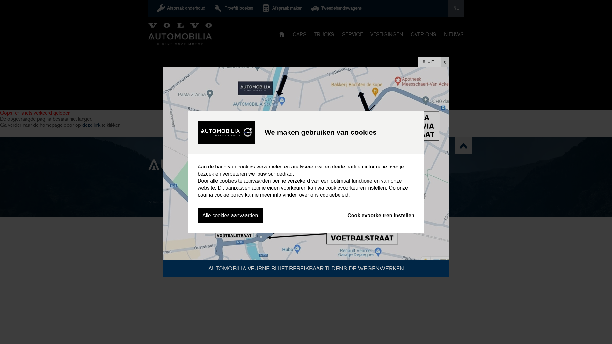 Image resolution: width=612 pixels, height=344 pixels. Describe the element at coordinates (454, 36) in the screenshot. I see `'NIEUWS'` at that location.